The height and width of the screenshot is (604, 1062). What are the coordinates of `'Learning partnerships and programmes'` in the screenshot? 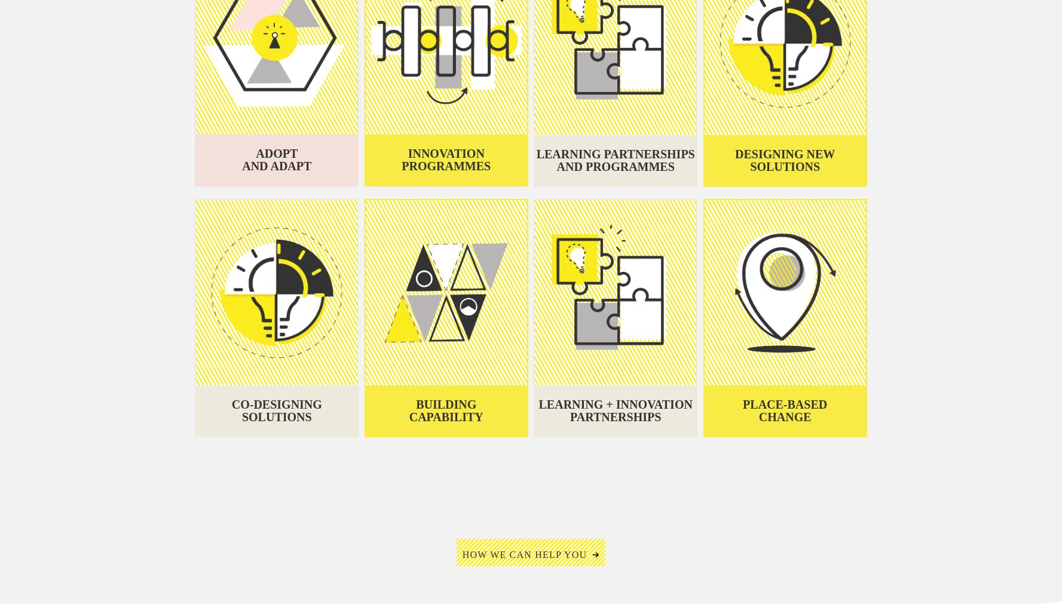 It's located at (615, 573).